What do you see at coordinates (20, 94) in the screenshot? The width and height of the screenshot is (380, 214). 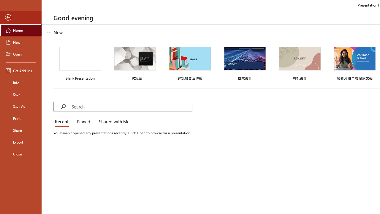 I see `'Save'` at bounding box center [20, 94].